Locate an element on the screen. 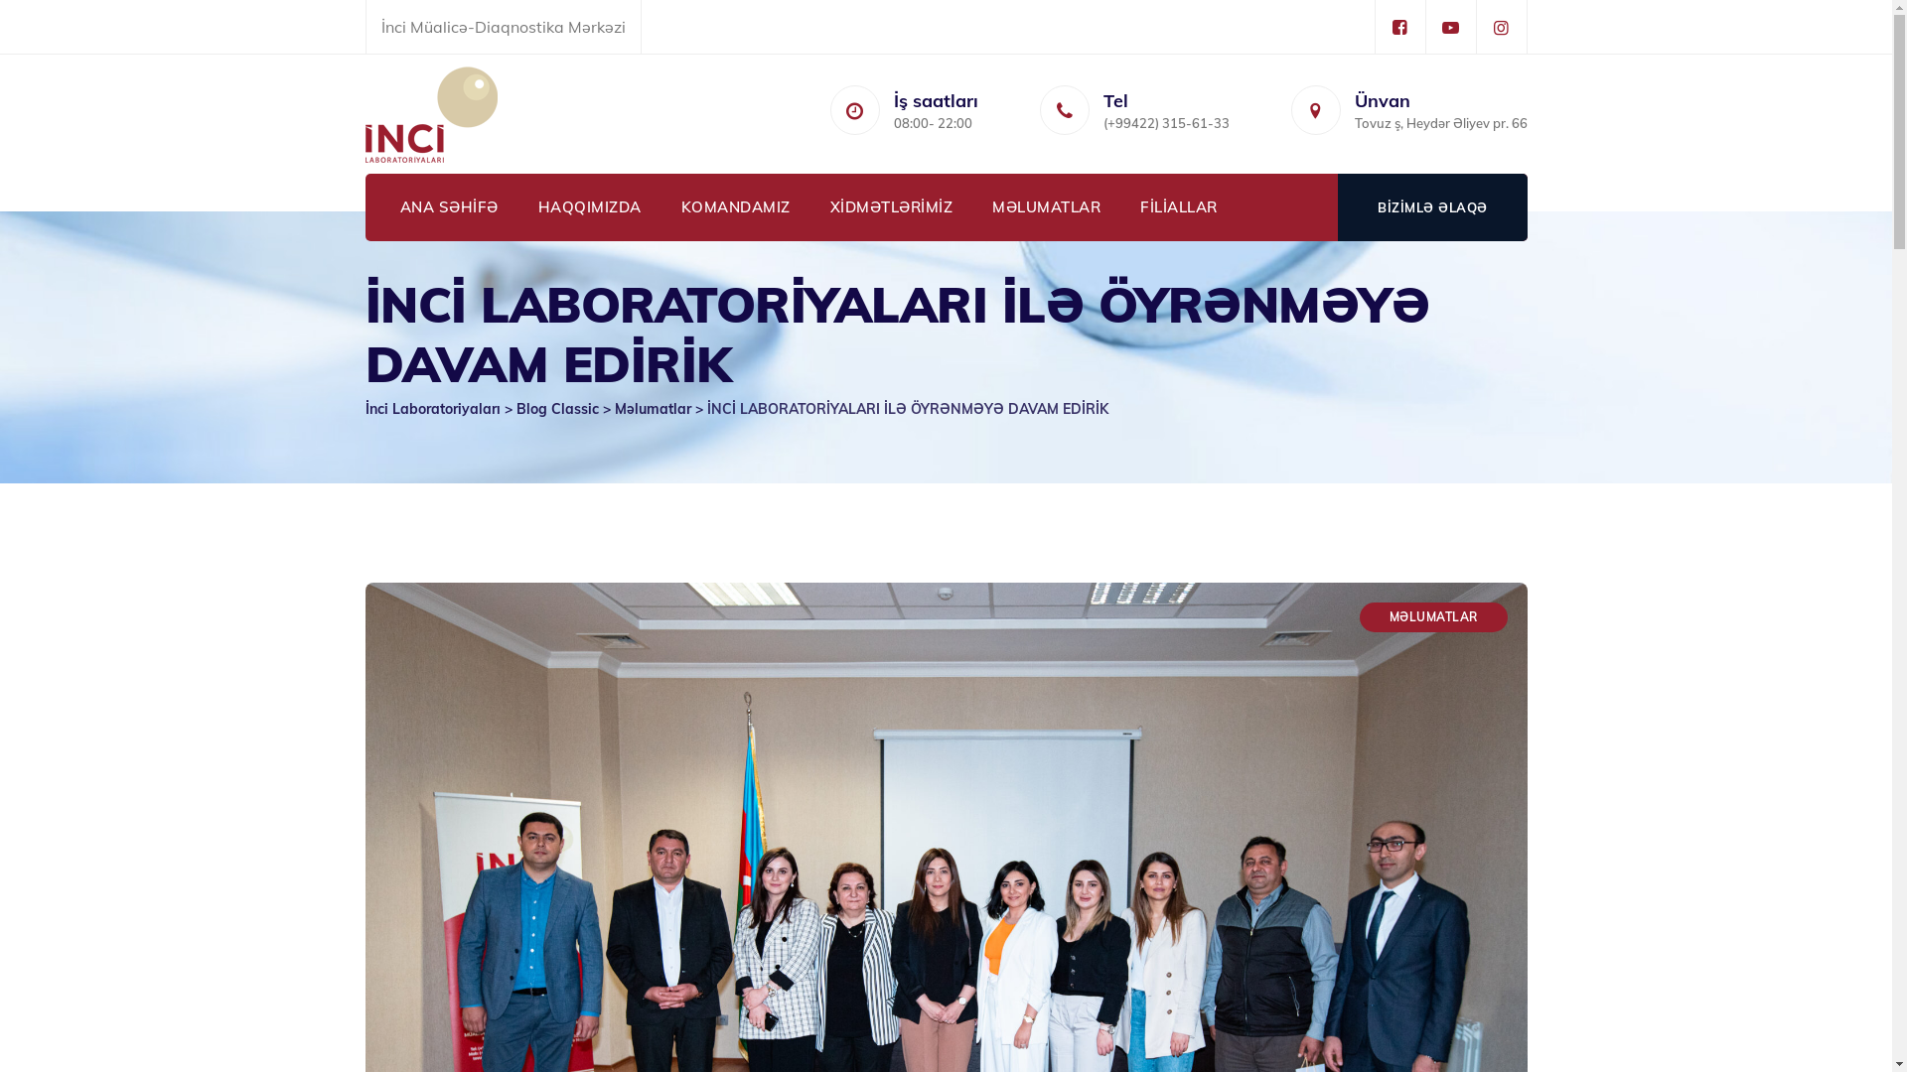  'Tel is located at coordinates (1165, 114).